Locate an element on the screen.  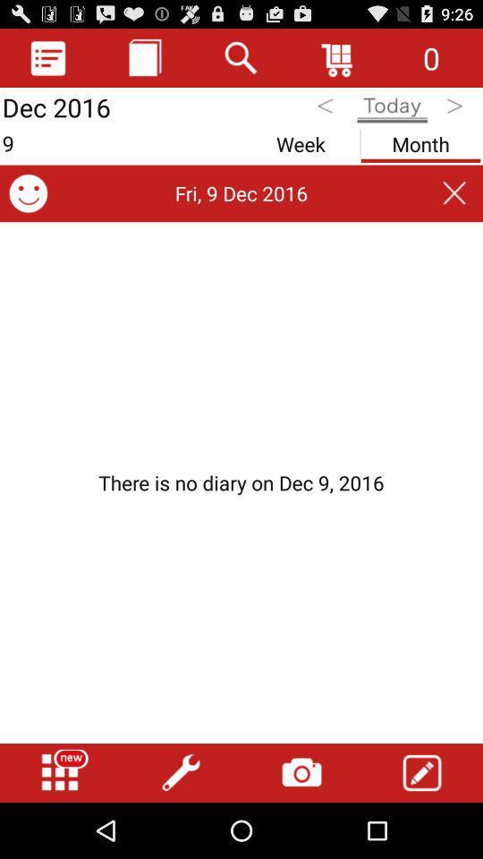
delete entry is located at coordinates (454, 193).